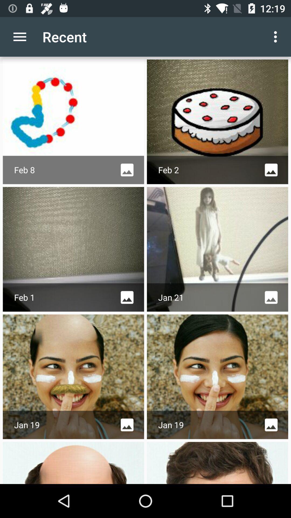  What do you see at coordinates (277, 36) in the screenshot?
I see `item next to the recent app` at bounding box center [277, 36].